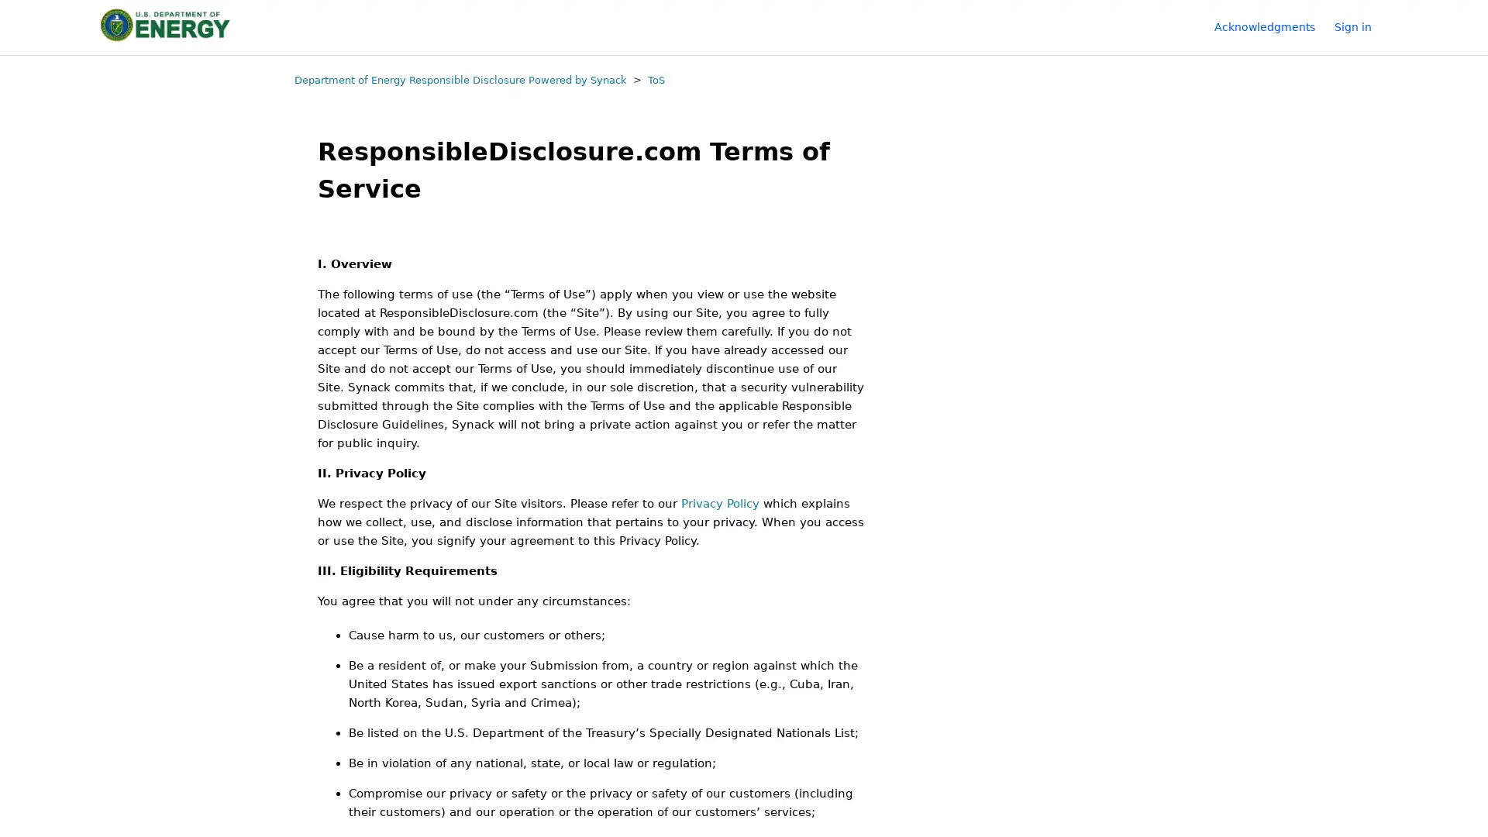 The image size is (1488, 837). Describe the element at coordinates (1360, 26) in the screenshot. I see `Sign in` at that location.